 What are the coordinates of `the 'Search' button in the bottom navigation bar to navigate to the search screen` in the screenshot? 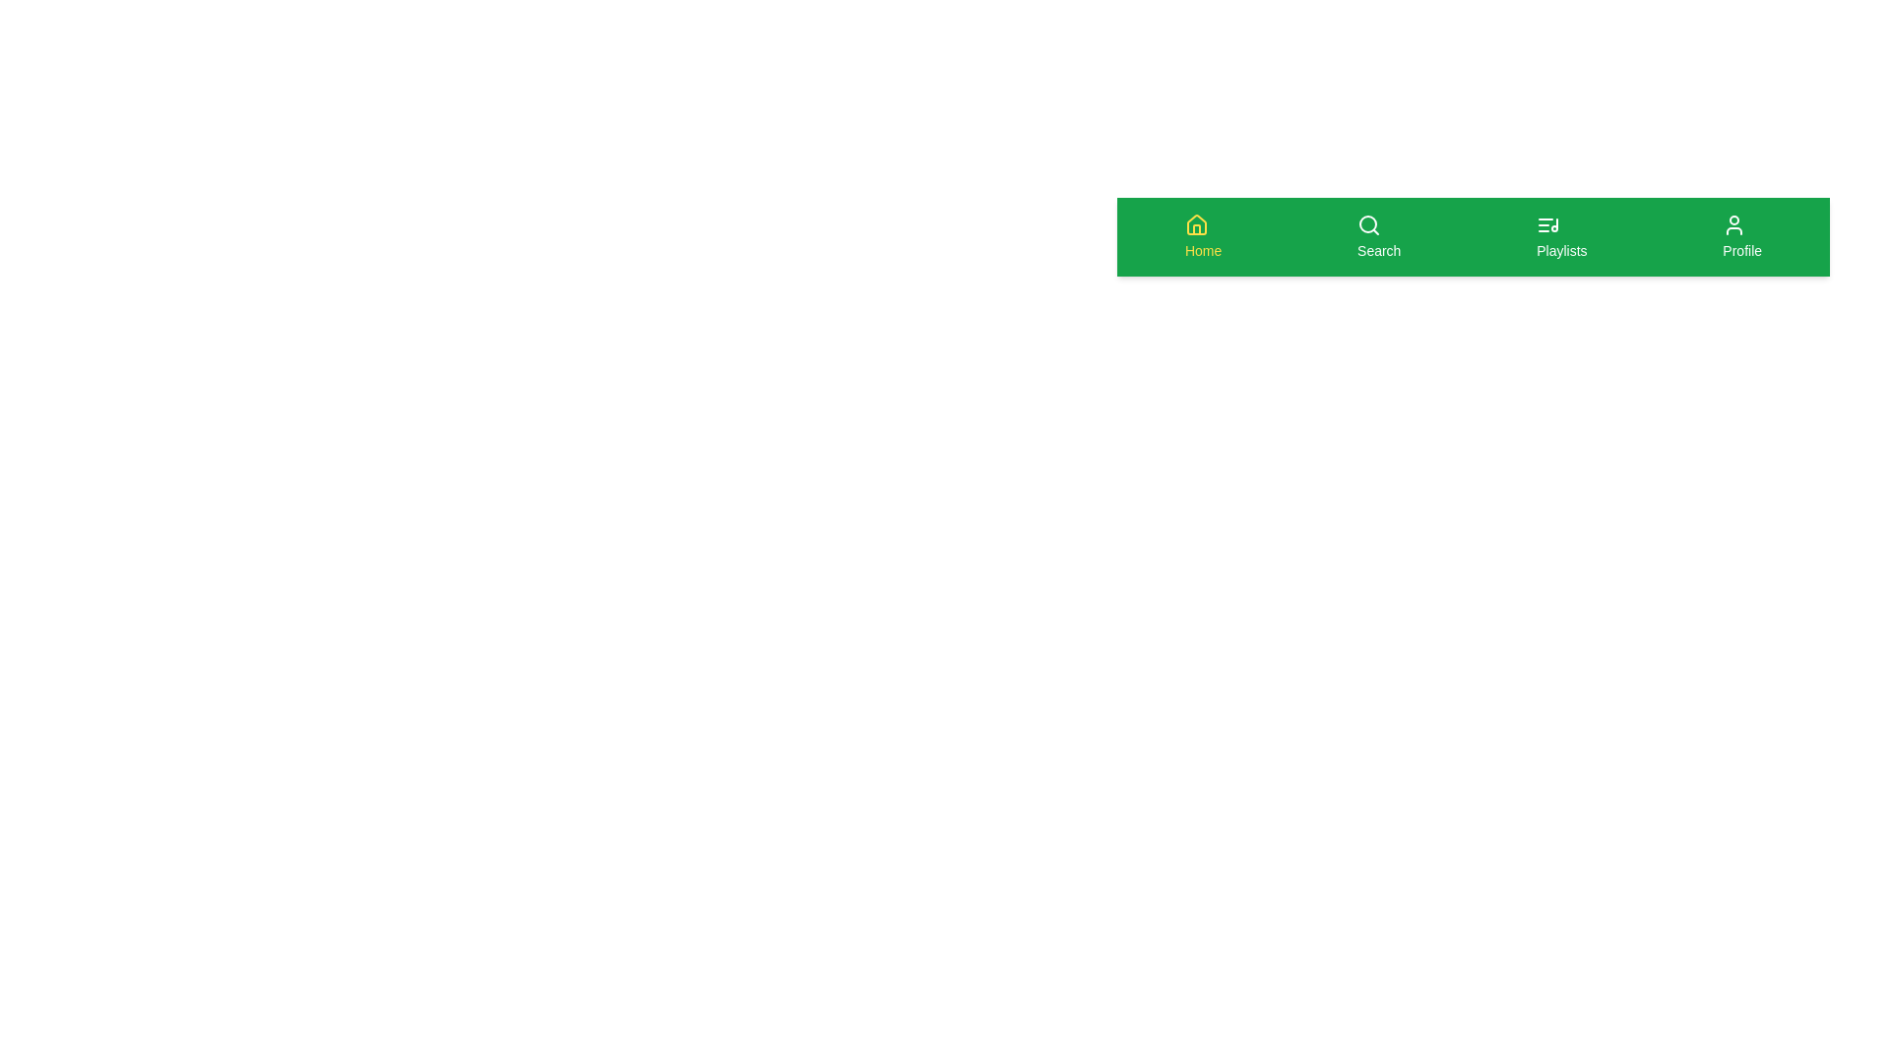 It's located at (1378, 235).